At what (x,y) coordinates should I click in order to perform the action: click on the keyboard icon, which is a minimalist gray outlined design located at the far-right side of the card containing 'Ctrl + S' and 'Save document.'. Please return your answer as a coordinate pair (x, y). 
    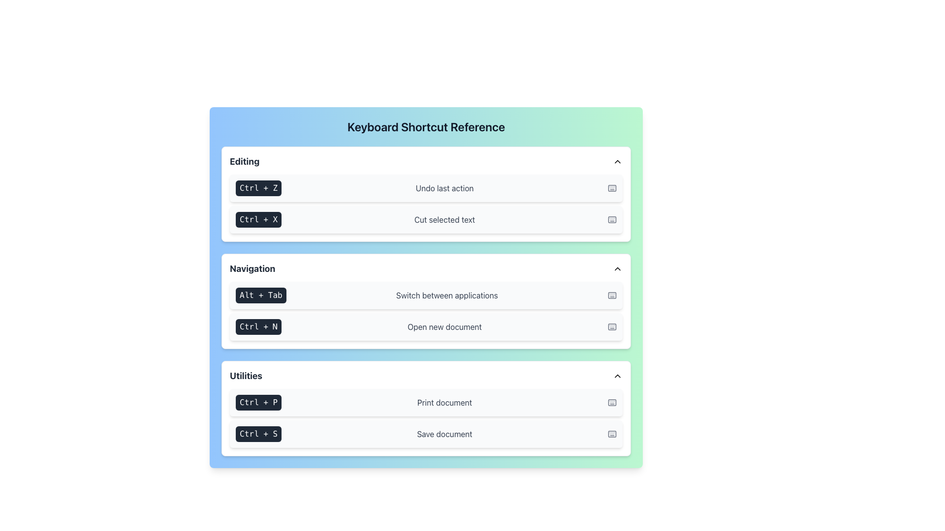
    Looking at the image, I should click on (611, 434).